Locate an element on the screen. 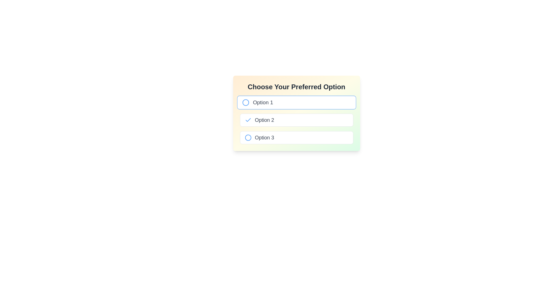 Image resolution: width=544 pixels, height=306 pixels. the text label that reads 'Option 2', which is styled in a large gray font and positioned in the middle row of a selection menu, directly to the right of a checkmark icon is located at coordinates (264, 120).